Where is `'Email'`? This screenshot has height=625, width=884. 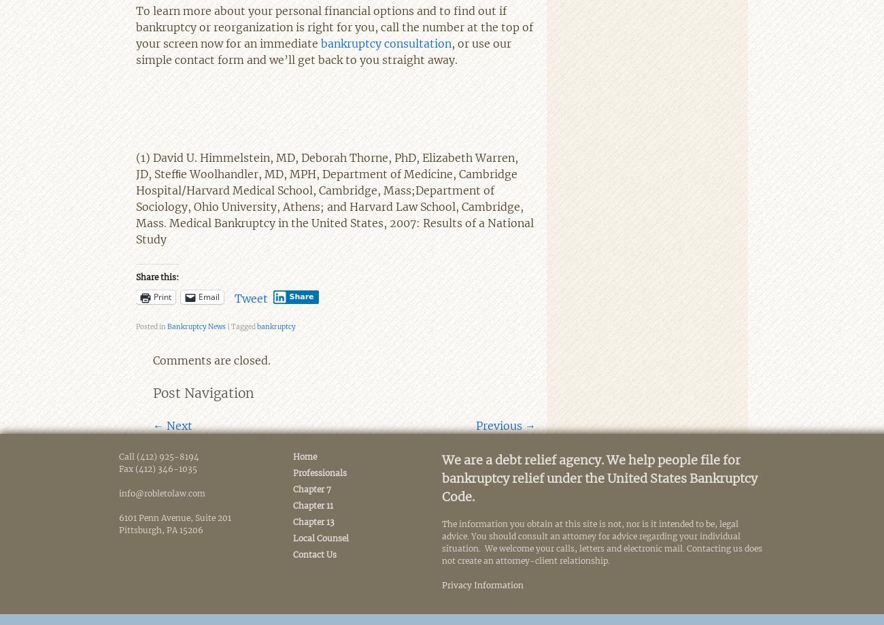
'Email' is located at coordinates (198, 297).